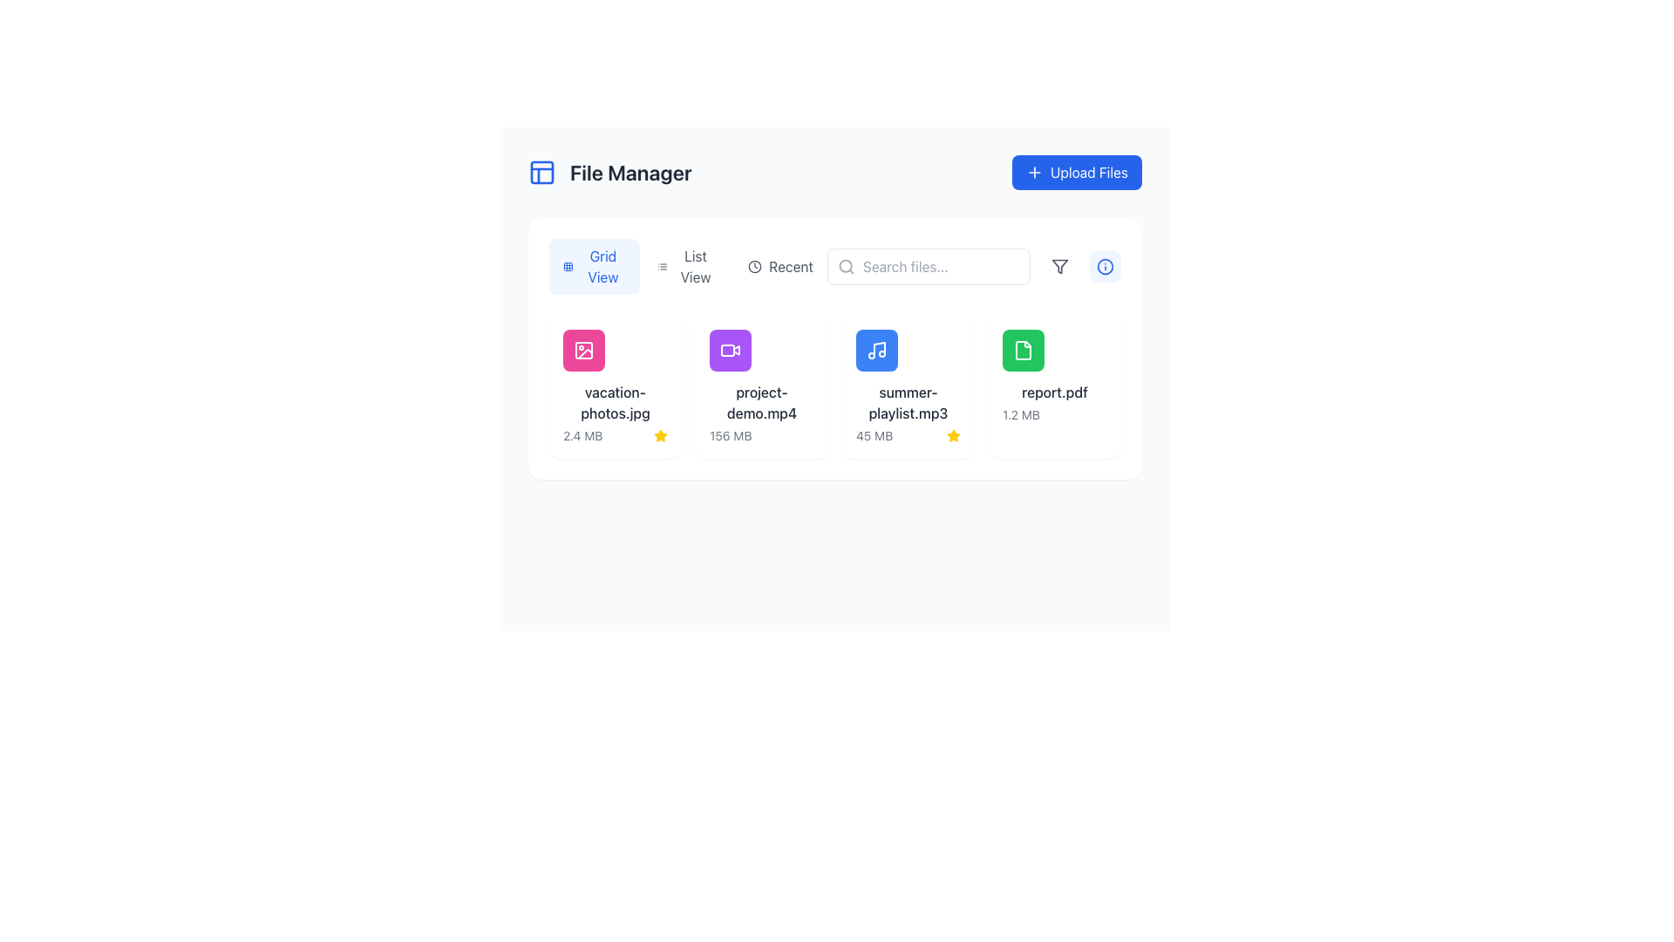 The height and width of the screenshot is (942, 1674). Describe the element at coordinates (578, 433) in the screenshot. I see `the circular download button icon with a gray outline located beneath the 'vacation-photos.jpg' file thumbnail` at that location.